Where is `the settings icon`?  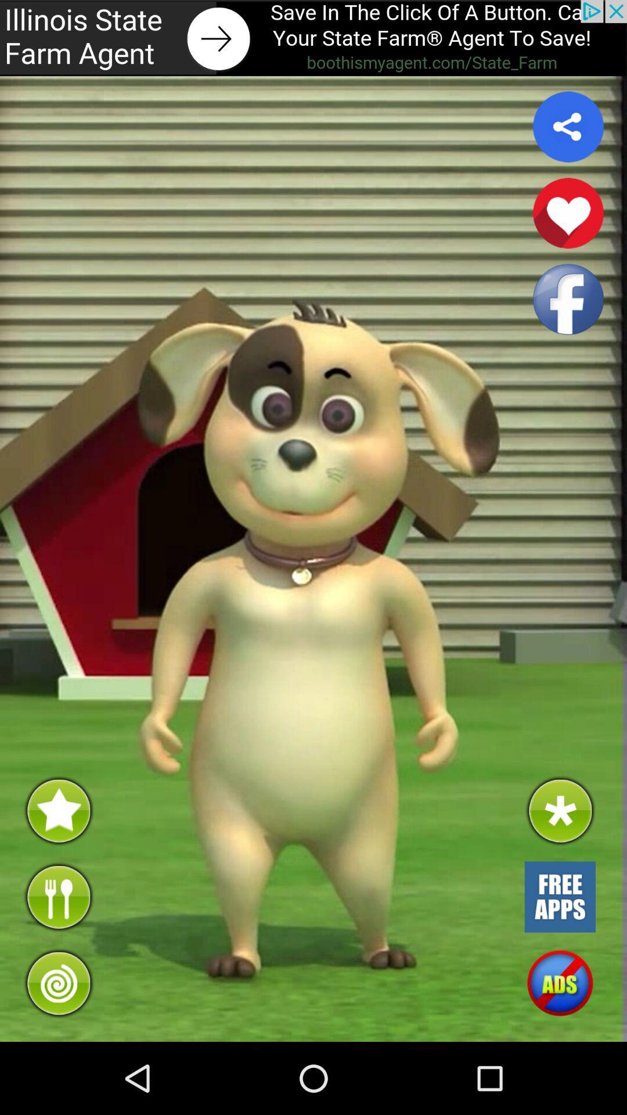
the settings icon is located at coordinates (559, 868).